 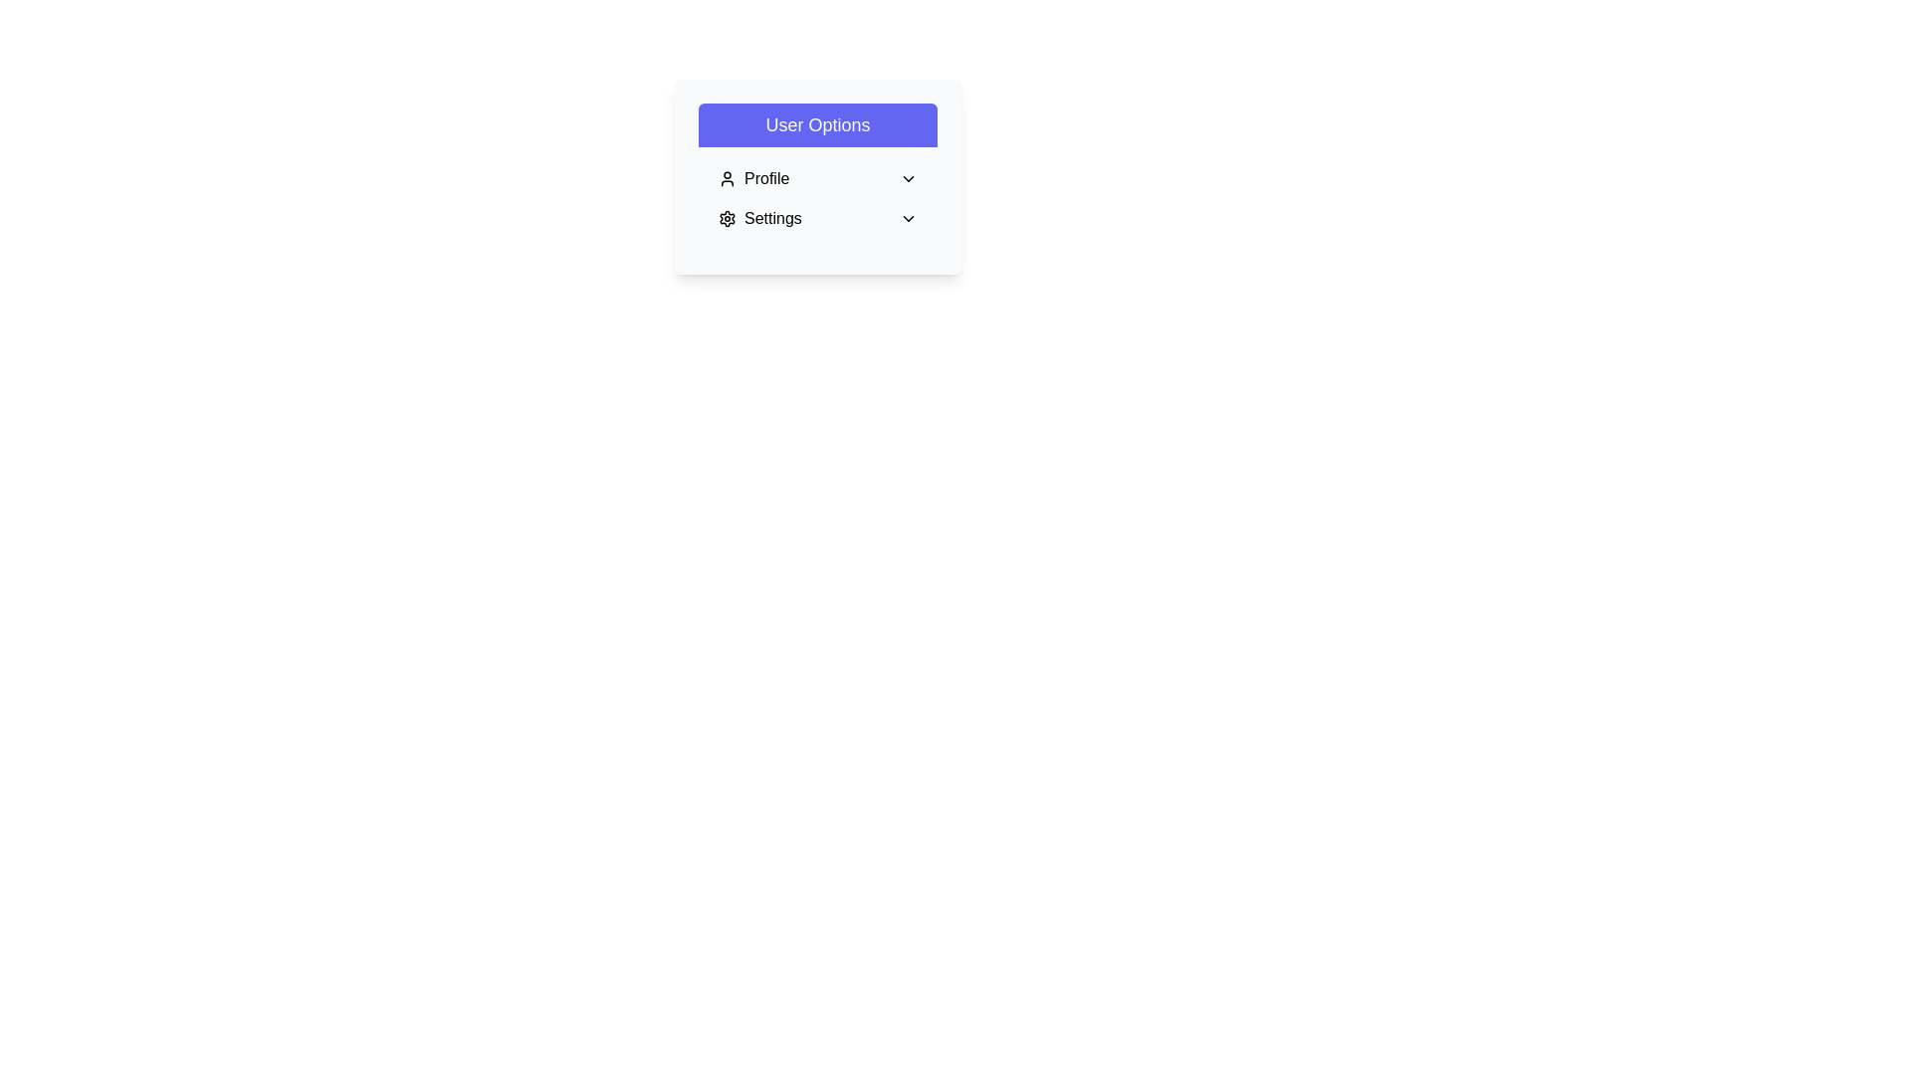 What do you see at coordinates (907, 218) in the screenshot?
I see `the downwards-pointing chevron icon, which is located to the far right of the 'Settings' row in the dropdown menu` at bounding box center [907, 218].